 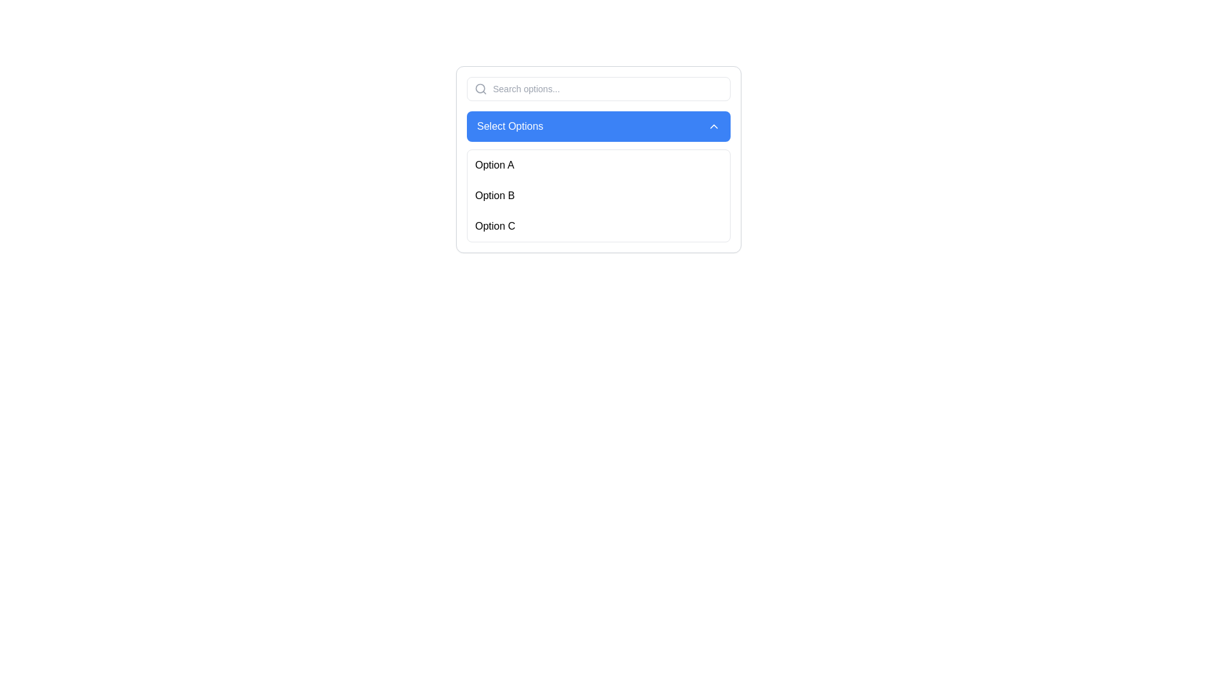 I want to click on the second option 'Option B' in the dropdown menu, so click(x=598, y=196).